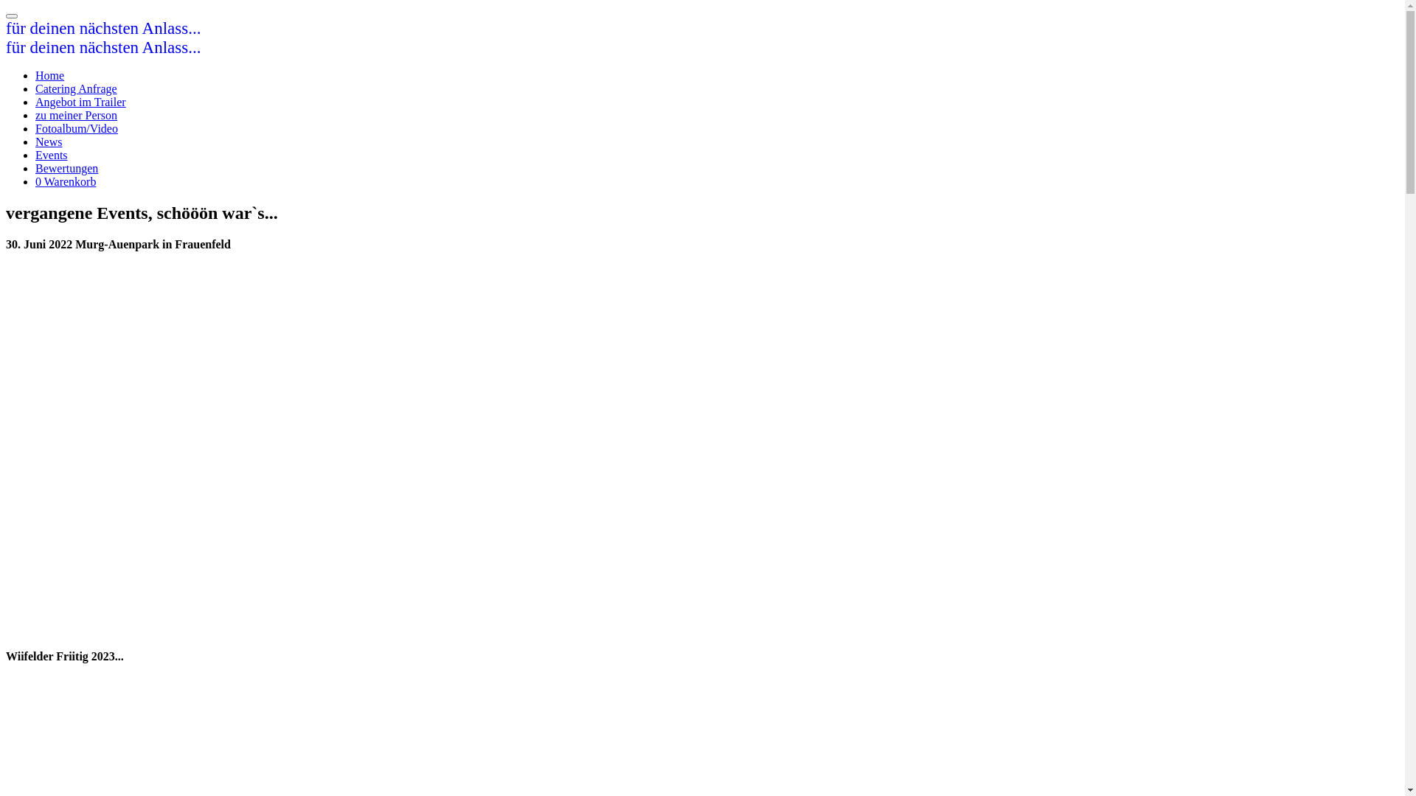  Describe the element at coordinates (35, 75) in the screenshot. I see `'Home'` at that location.